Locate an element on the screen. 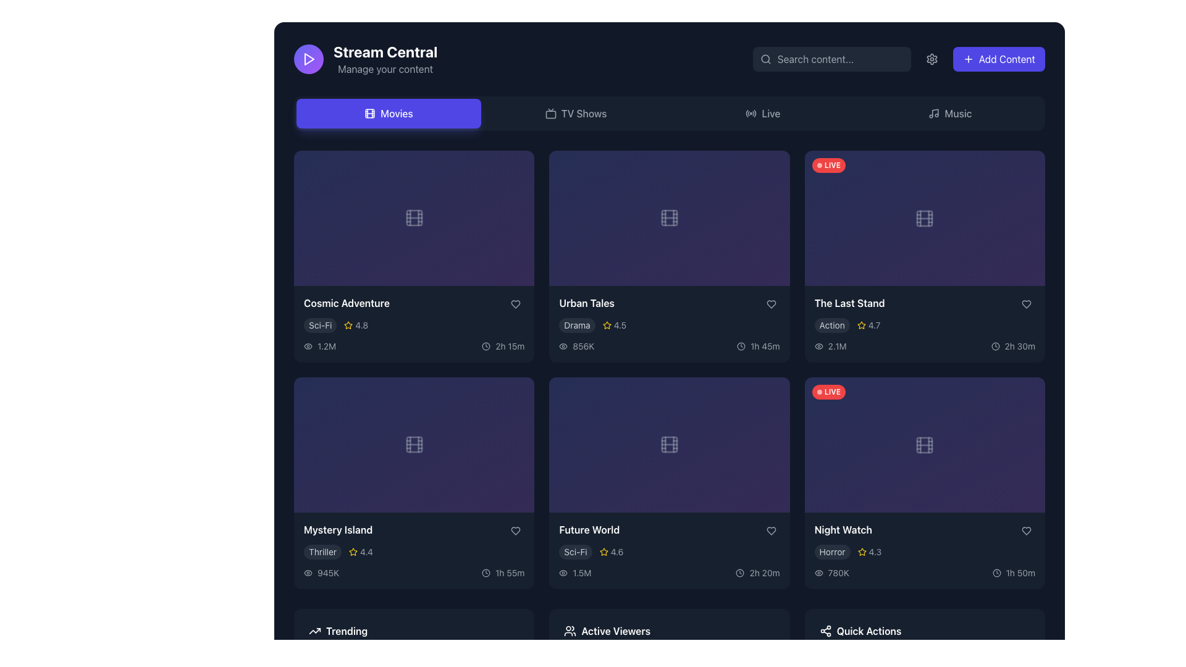 The height and width of the screenshot is (667, 1186). the 'Music' navigation button icon located in the top right of the interface is located at coordinates (934, 114).